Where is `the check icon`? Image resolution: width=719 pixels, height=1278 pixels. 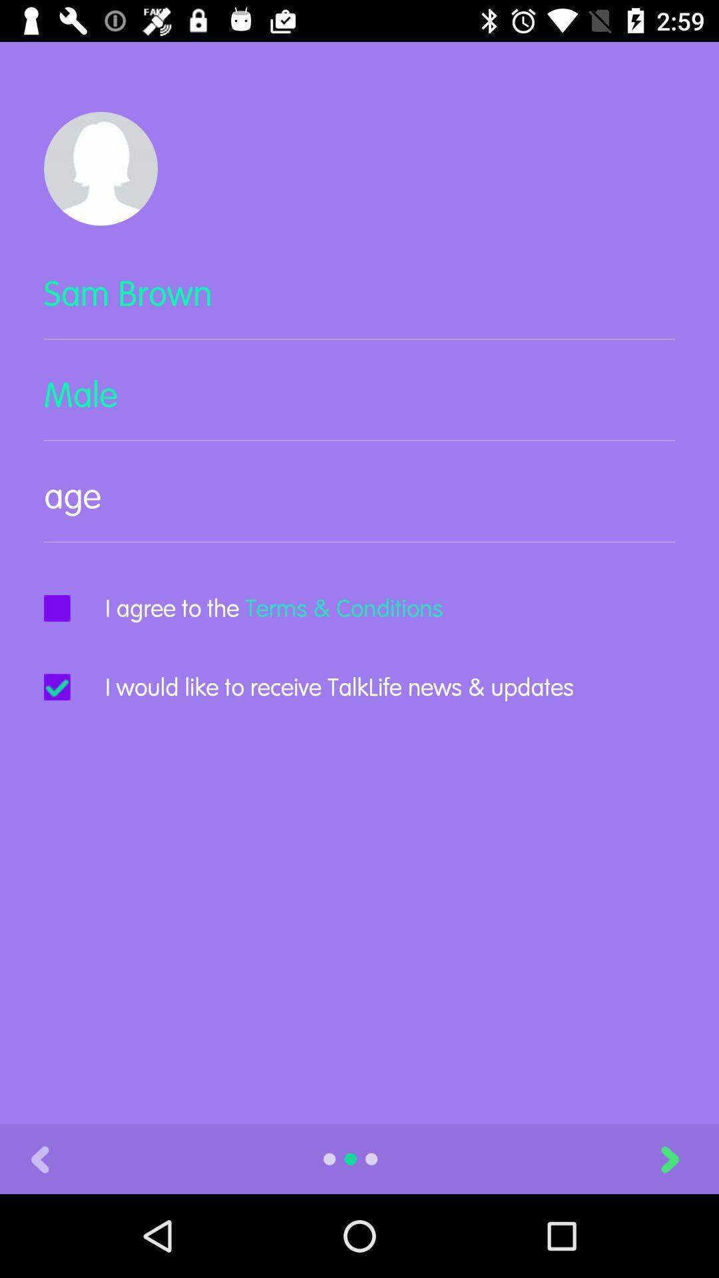
the check icon is located at coordinates (56, 687).